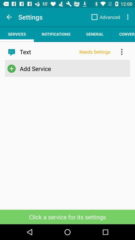 This screenshot has width=135, height=240. Describe the element at coordinates (104, 17) in the screenshot. I see `the advanced item` at that location.